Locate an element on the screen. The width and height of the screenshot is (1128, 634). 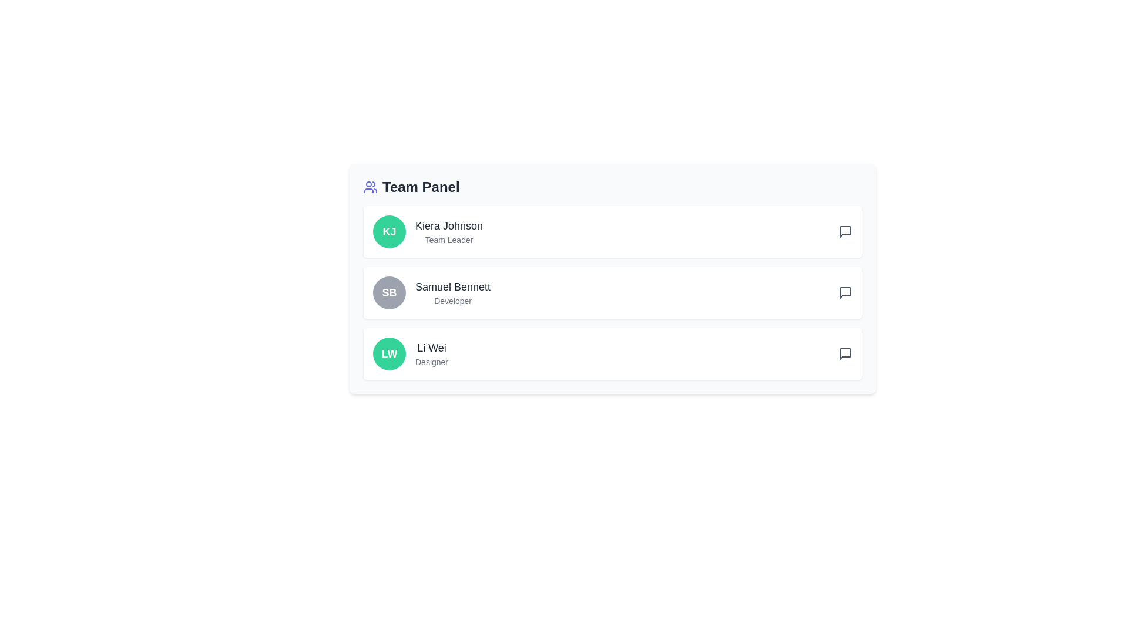
the messaging icon located at the end of the last row associated with 'Li Wei - Designer' in the 'Team Panel', positioned to the right of the text and user avatar is located at coordinates (845, 353).